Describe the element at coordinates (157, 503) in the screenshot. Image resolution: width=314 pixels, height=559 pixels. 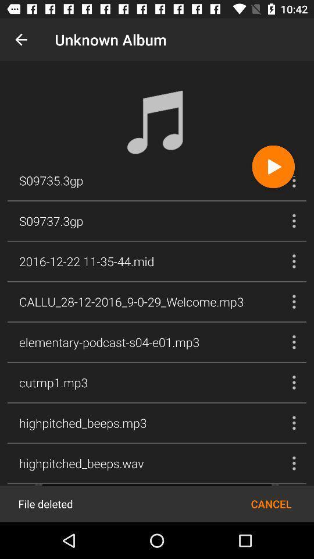
I see `this section allows you to cancel the play or delete the file entirely` at that location.